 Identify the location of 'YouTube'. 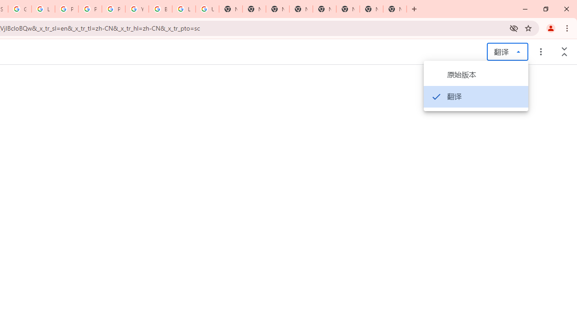
(137, 9).